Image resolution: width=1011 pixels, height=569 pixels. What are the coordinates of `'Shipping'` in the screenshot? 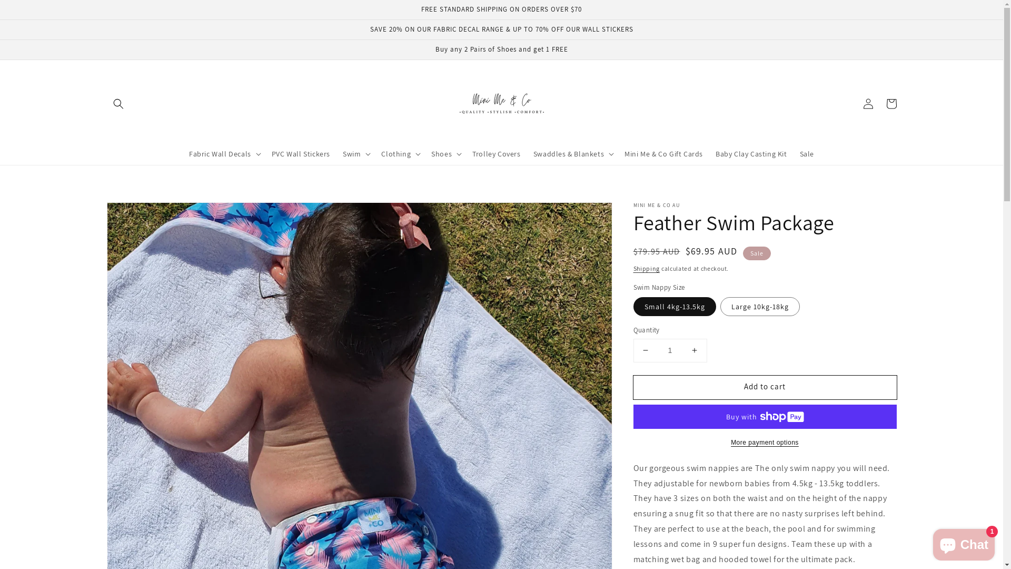 It's located at (632, 268).